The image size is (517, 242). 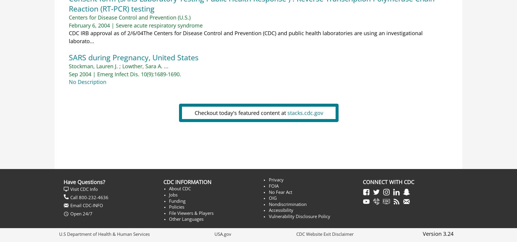 What do you see at coordinates (287, 204) in the screenshot?
I see `'Nondiscrimination'` at bounding box center [287, 204].